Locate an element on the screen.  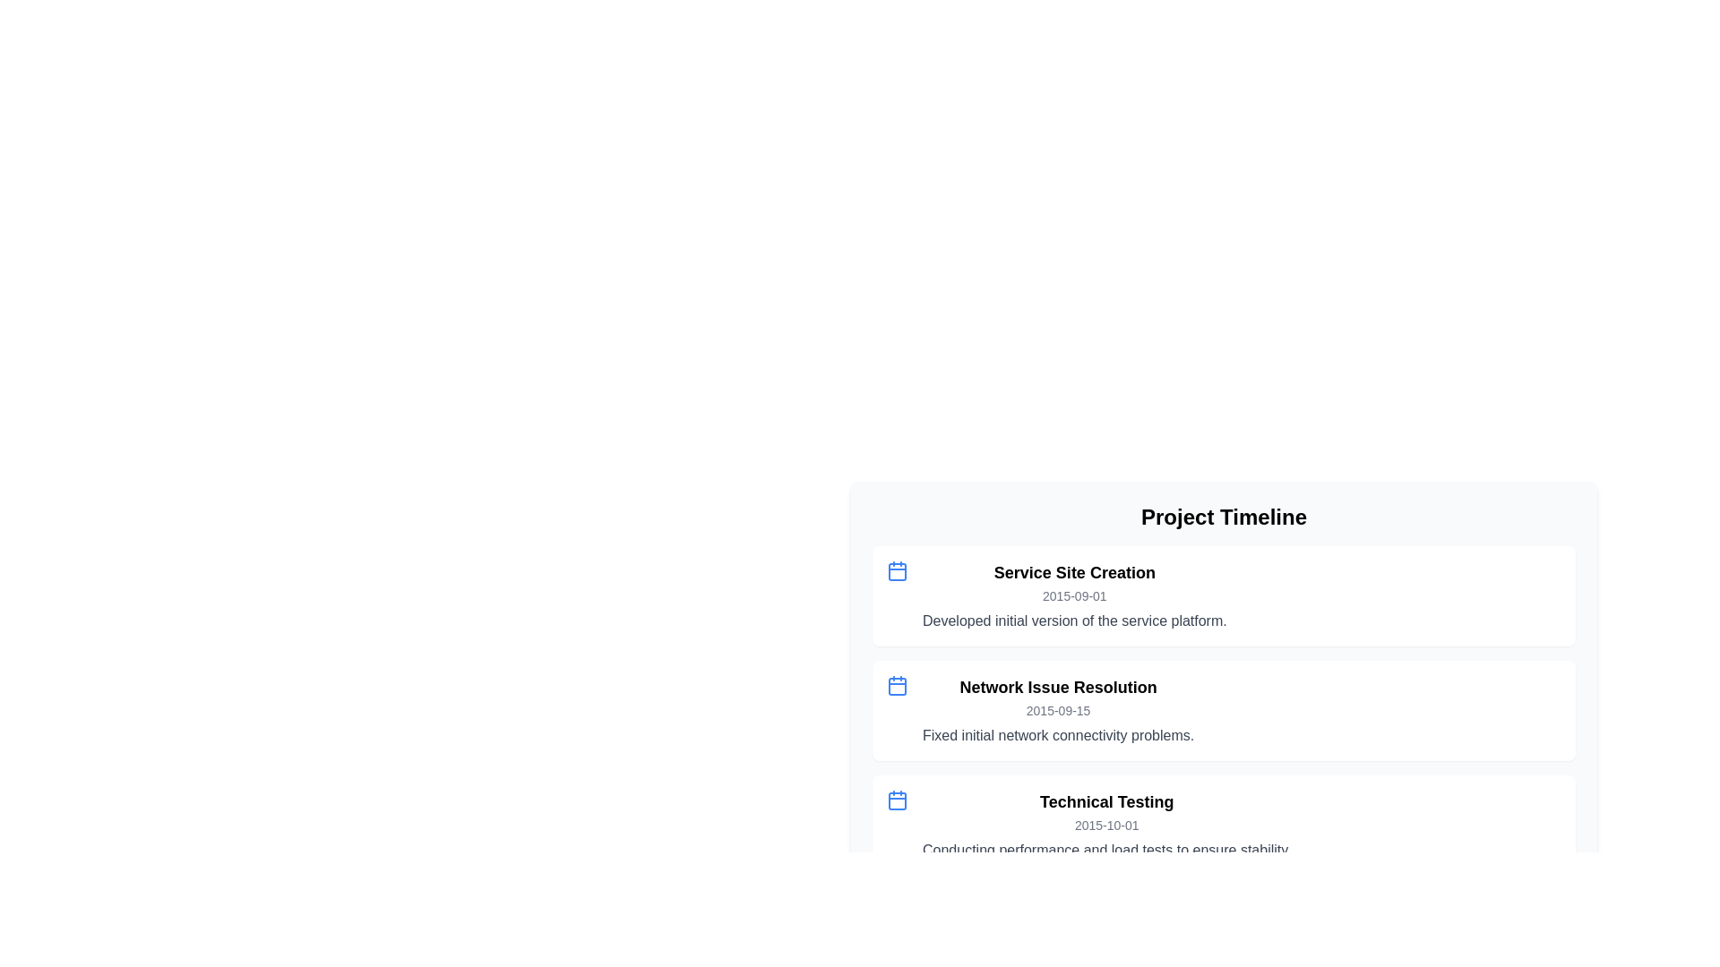
the text label displaying the date '2015-09-01', which is positioned below the title 'Service Site Creation' and above the descriptive text 'Developed initial version of the service platform.' is located at coordinates (1074, 596).